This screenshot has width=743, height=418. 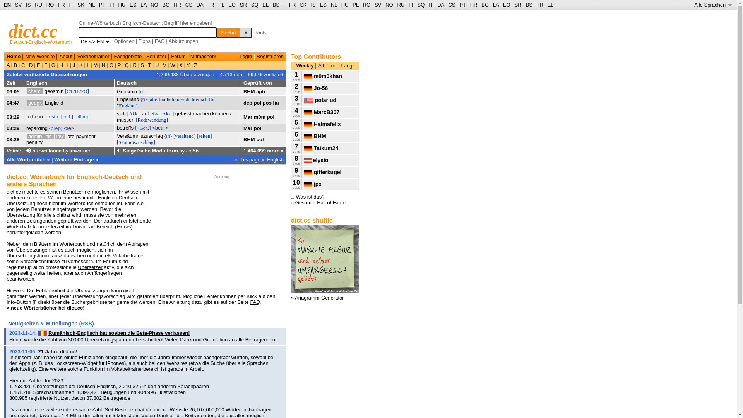 What do you see at coordinates (80, 151) in the screenshot?
I see `'jmwarner'` at bounding box center [80, 151].